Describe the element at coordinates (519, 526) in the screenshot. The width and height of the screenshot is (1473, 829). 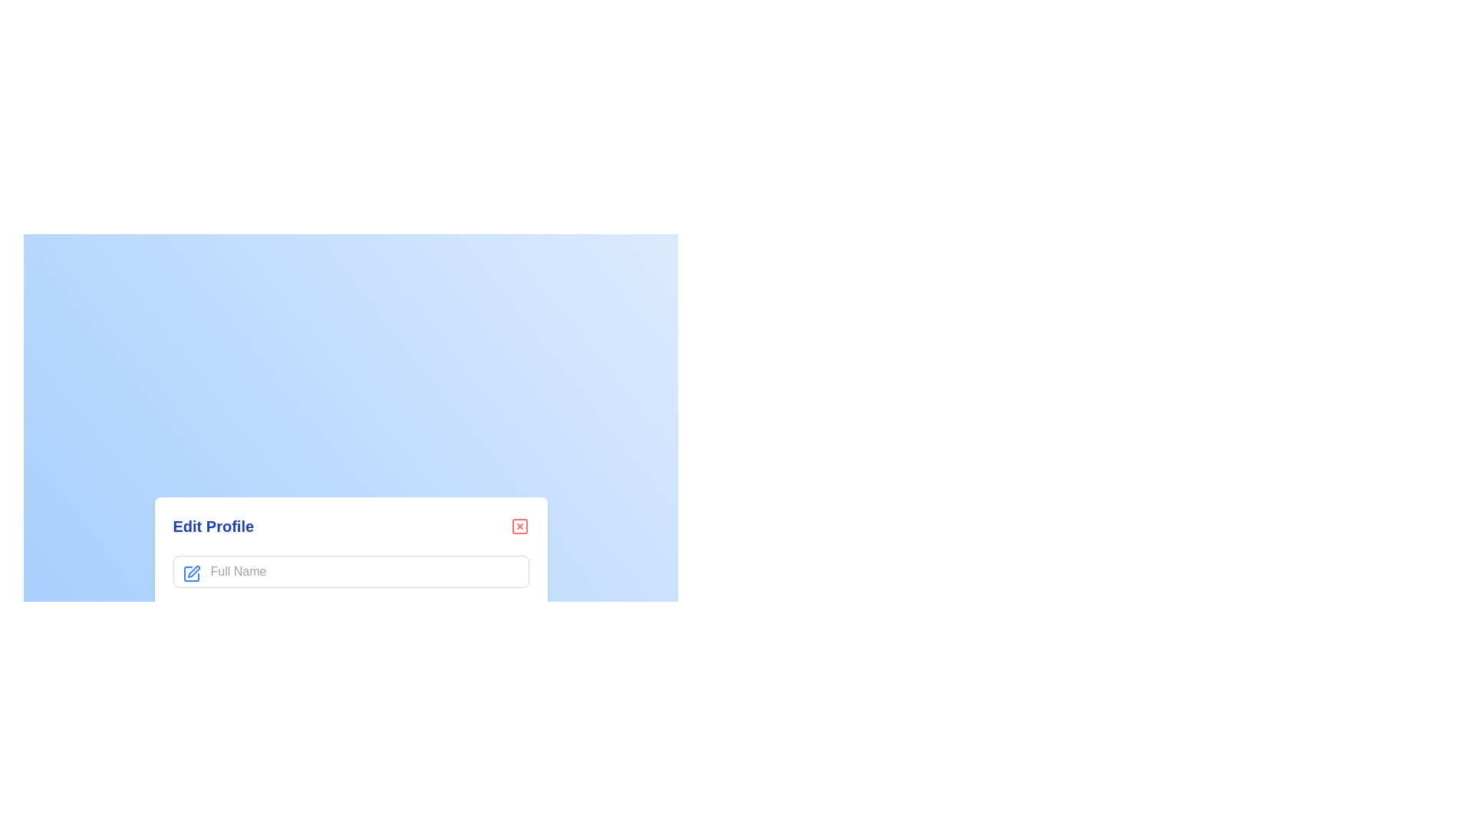
I see `the close button located at the top-right corner of the 'Edit Profile' section` at that location.